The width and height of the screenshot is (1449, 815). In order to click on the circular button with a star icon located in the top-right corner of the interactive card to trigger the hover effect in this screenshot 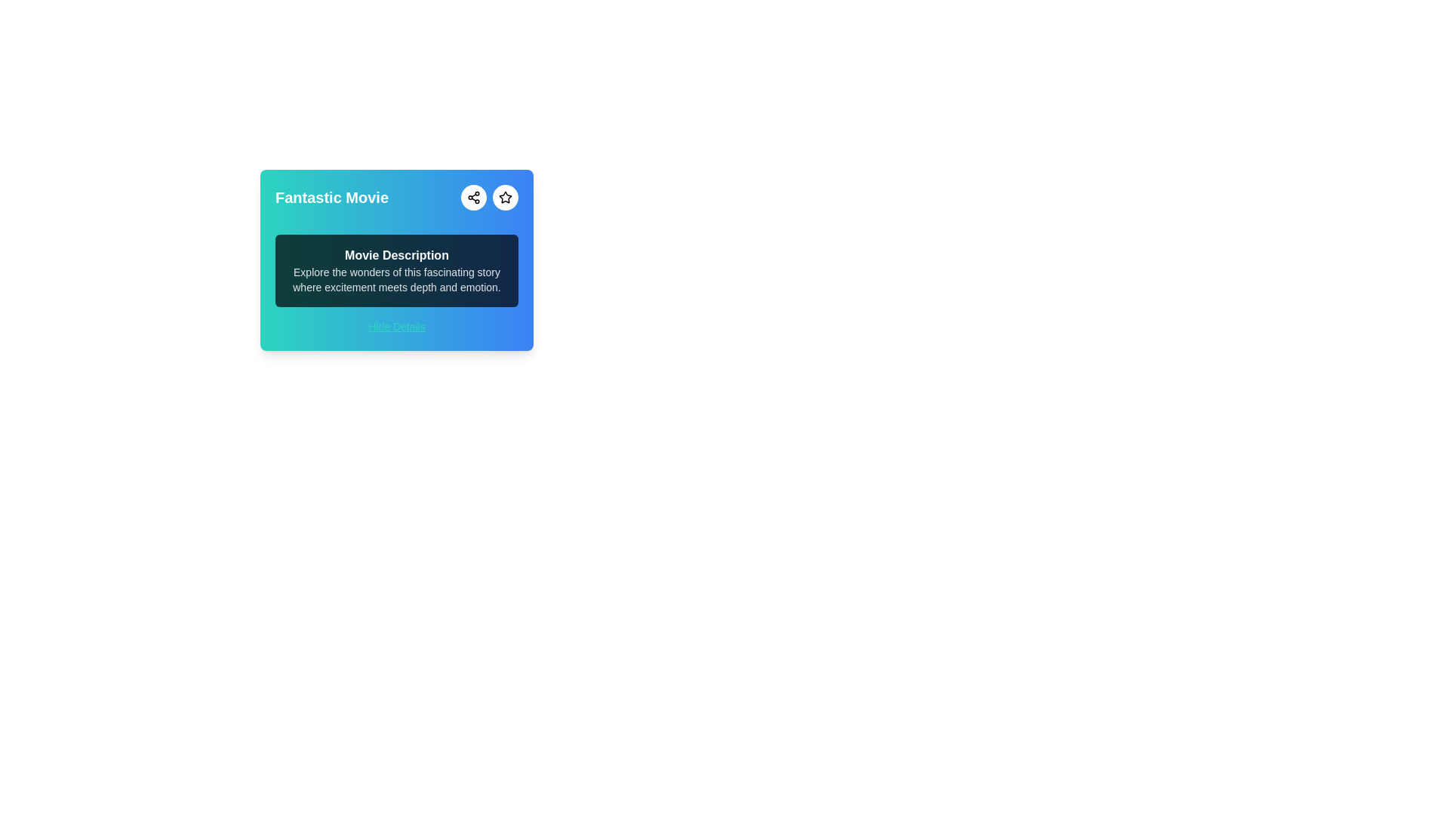, I will do `click(506, 197)`.